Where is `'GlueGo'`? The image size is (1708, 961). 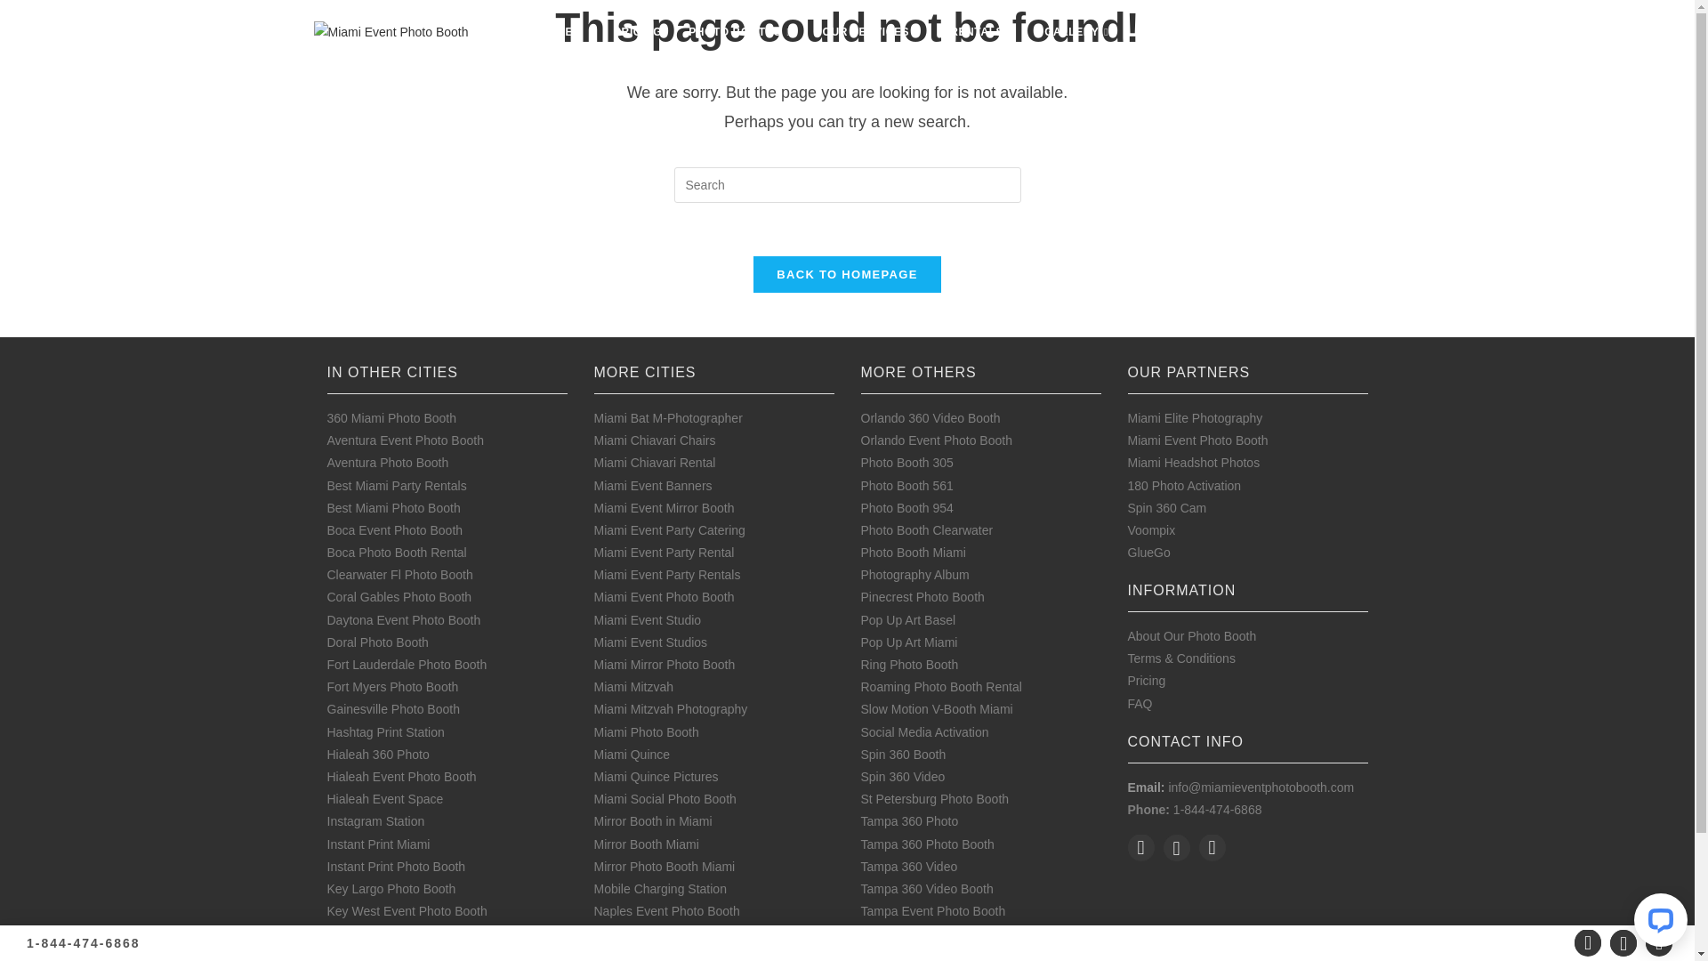
'GlueGo' is located at coordinates (1148, 552).